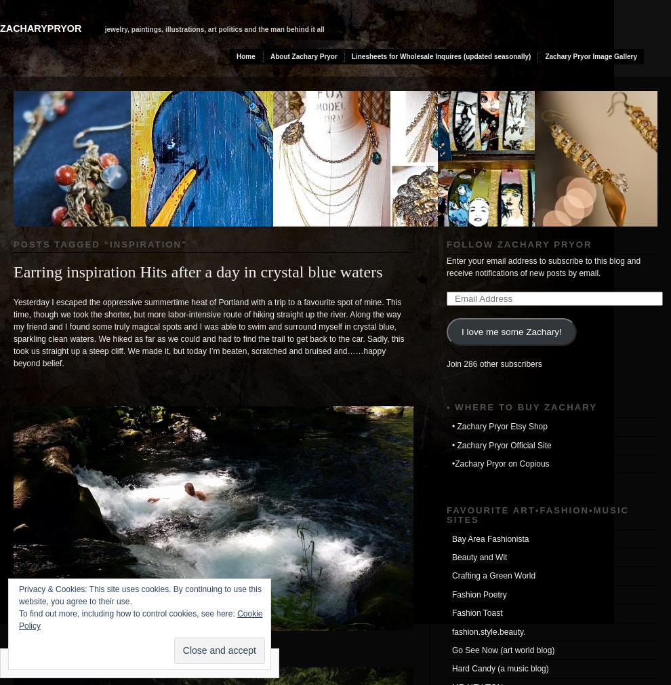  What do you see at coordinates (207, 332) in the screenshot?
I see `'Yesterday I escaped the oppressive summertime heat of Portland with a trip to a favourite spot of mine. This time, though we took the shorter, but more labor-intensive route of hiking straight up the river. Along the way my friend and I found some truly magical spots and I was able to swim and surround myself in crystal blue, sparkling clean waters. We hiked as far as we could and had to find the trail to get back to the car. Sadly, this took us straight up a steep cliff. We made it, but today I’m beaten, scratched and bruised and……happy beyond belief.'` at bounding box center [207, 332].